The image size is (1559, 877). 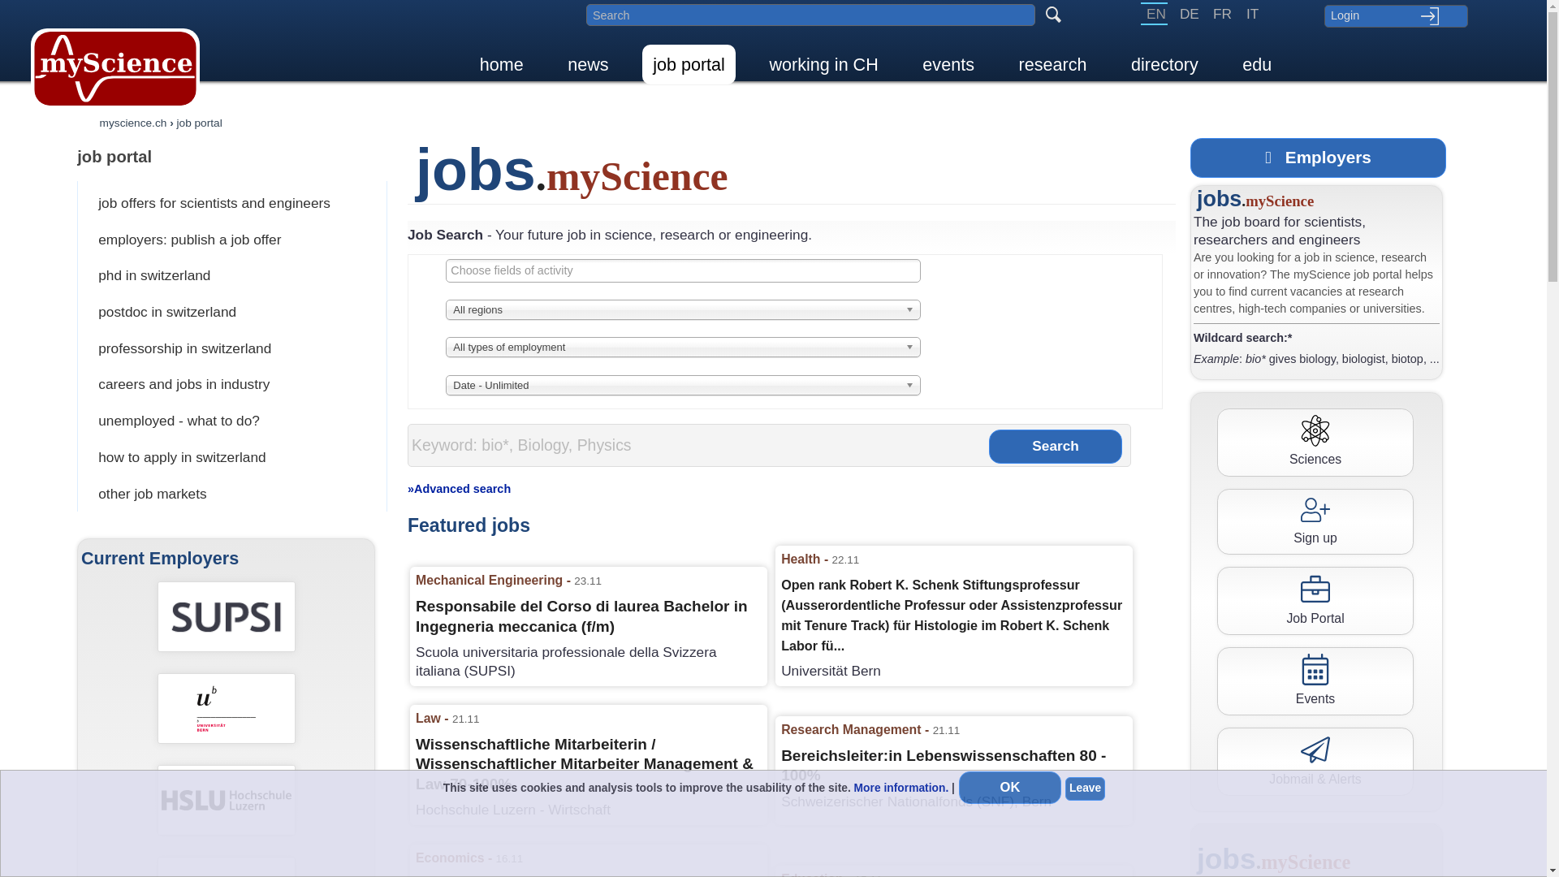 I want to click on 'myscience.ch', so click(x=133, y=122).